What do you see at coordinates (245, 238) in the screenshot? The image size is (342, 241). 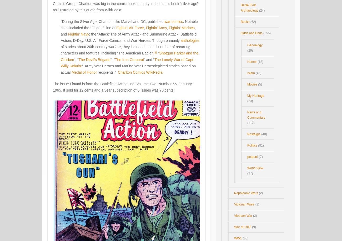 I see `'(55)'` at bounding box center [245, 238].